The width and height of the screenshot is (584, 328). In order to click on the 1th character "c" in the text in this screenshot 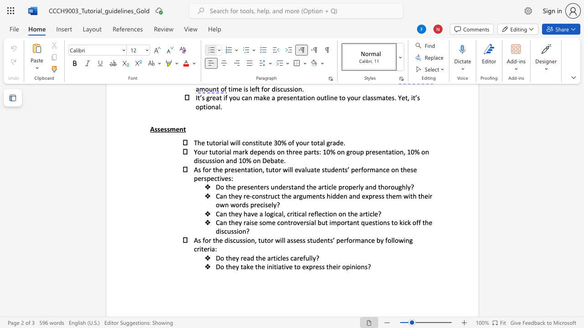, I will do `click(276, 214)`.